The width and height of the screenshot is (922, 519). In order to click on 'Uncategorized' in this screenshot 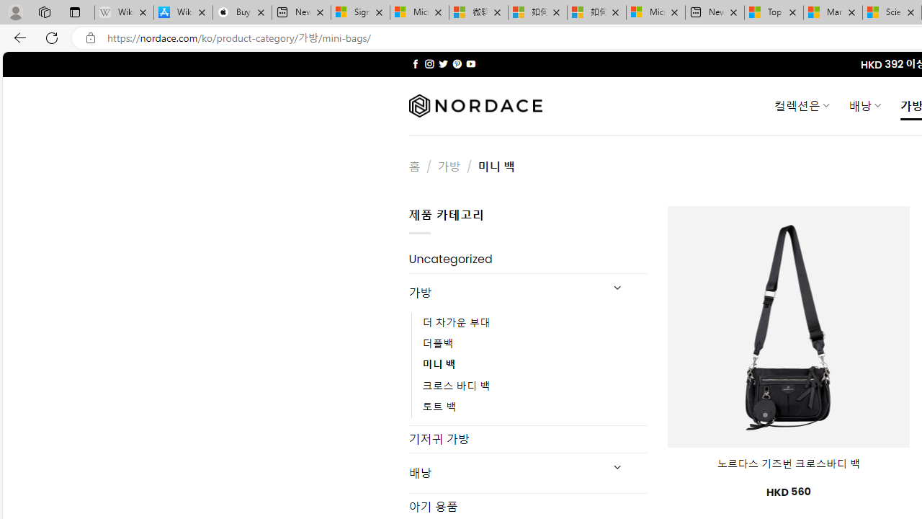, I will do `click(527, 259)`.